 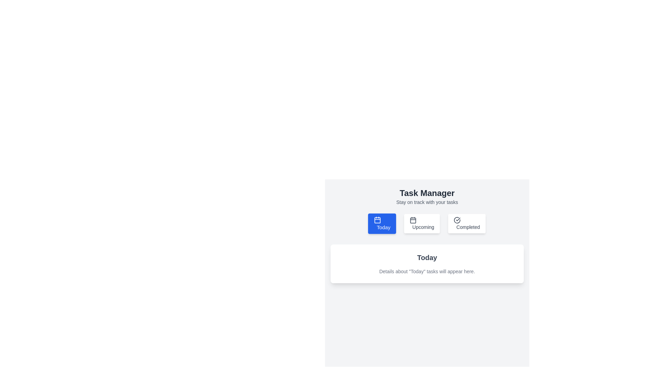 I want to click on the graphical rectangle within the calendar icon, so click(x=413, y=220).